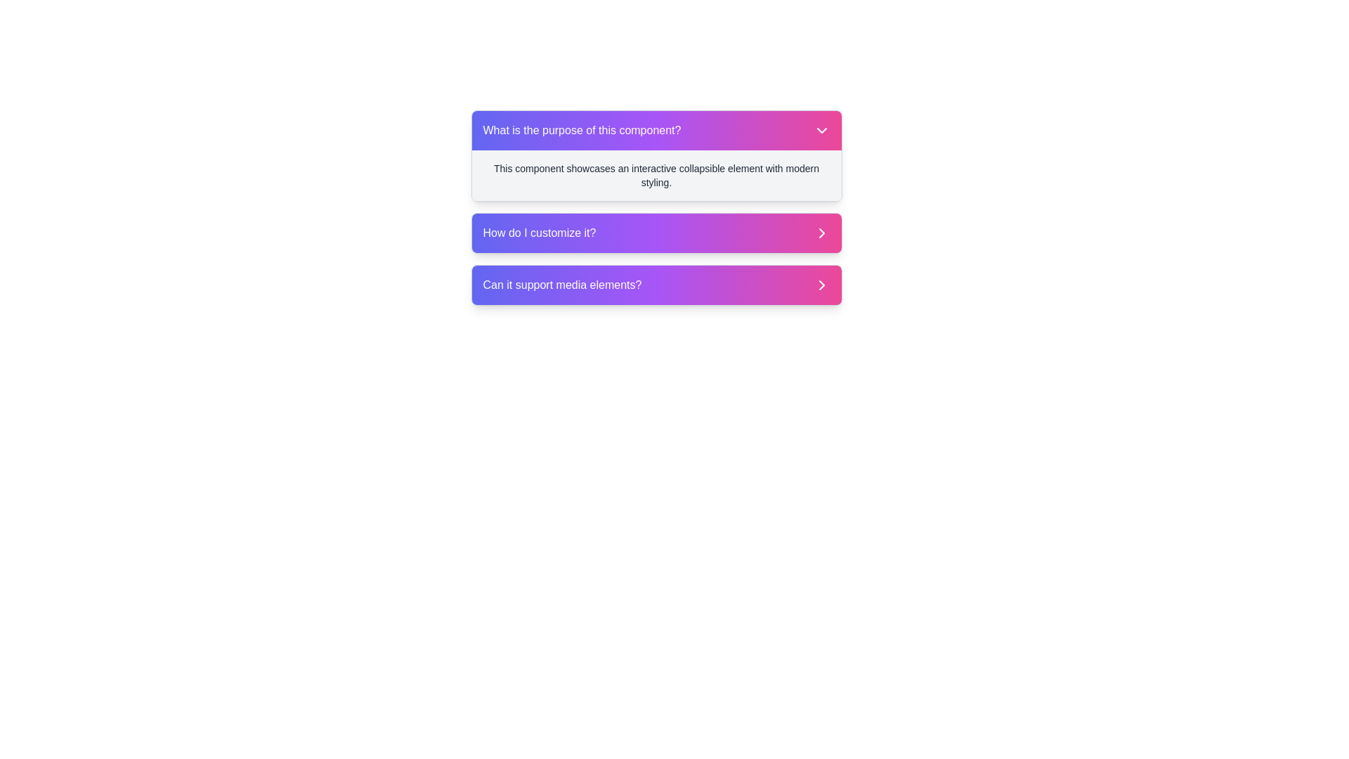 The image size is (1349, 759). I want to click on the chevron icon pointing to the right, located at the right edge of the collapsible panel labeled 'Can it support media elements?', so click(821, 285).